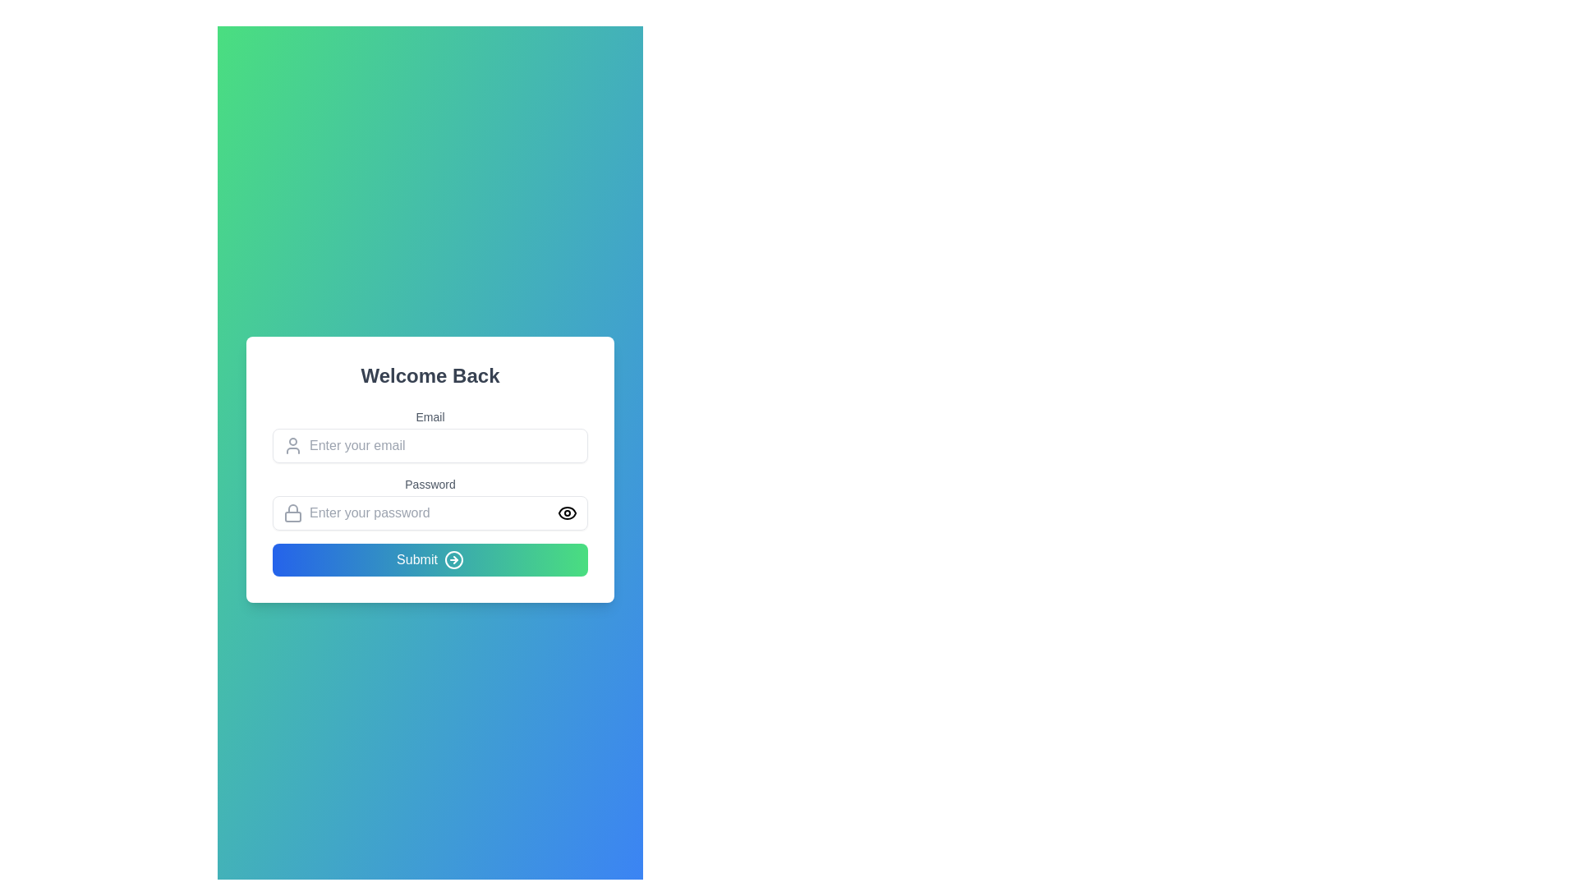 Image resolution: width=1577 pixels, height=887 pixels. Describe the element at coordinates (568, 512) in the screenshot. I see `the button containing an eye-shaped icon used to toggle password visibility, located at the right end of the password input field for visual feedback` at that location.